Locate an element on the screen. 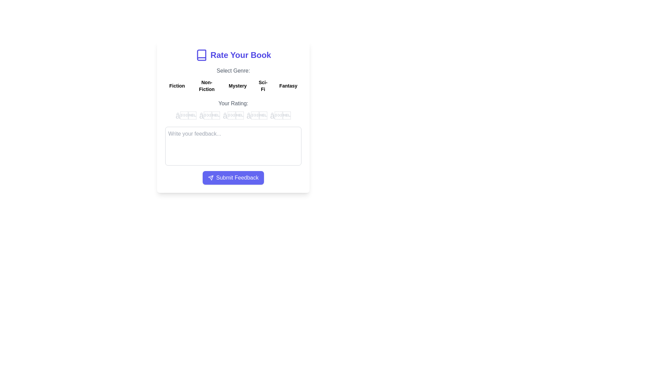 This screenshot has height=368, width=654. the 'Fiction' button is located at coordinates (177, 85).